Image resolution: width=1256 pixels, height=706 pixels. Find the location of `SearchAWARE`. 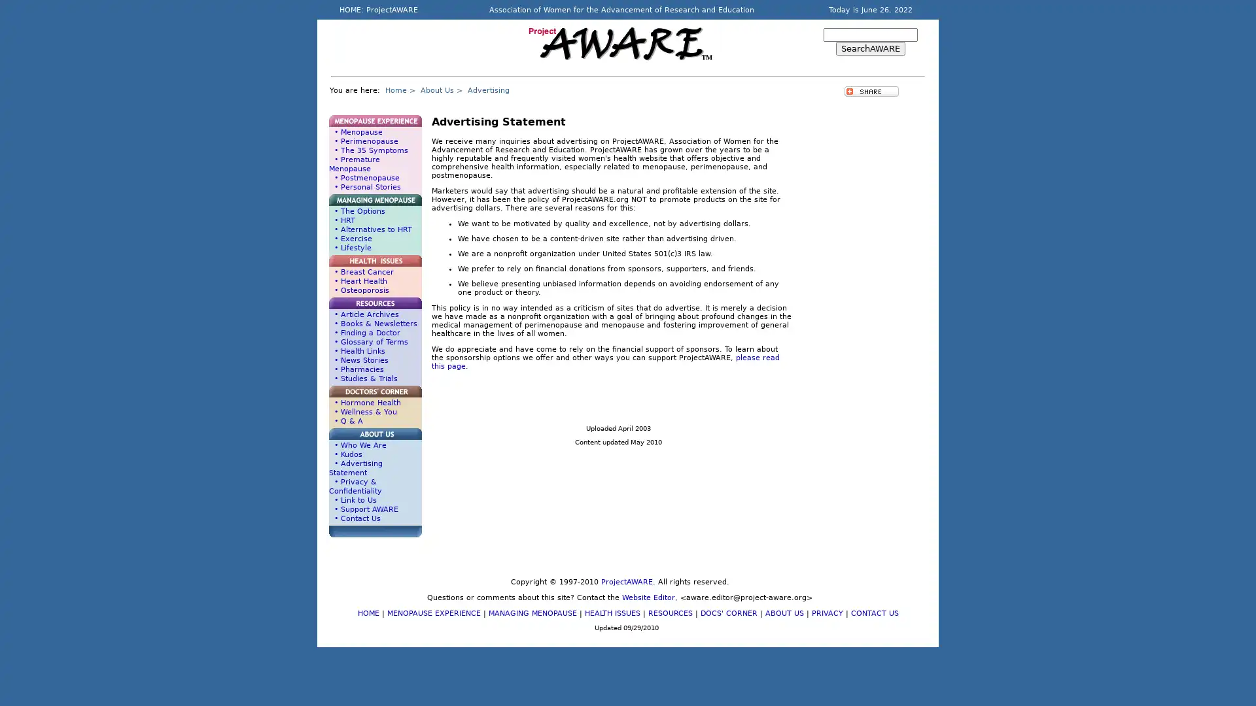

SearchAWARE is located at coordinates (870, 48).